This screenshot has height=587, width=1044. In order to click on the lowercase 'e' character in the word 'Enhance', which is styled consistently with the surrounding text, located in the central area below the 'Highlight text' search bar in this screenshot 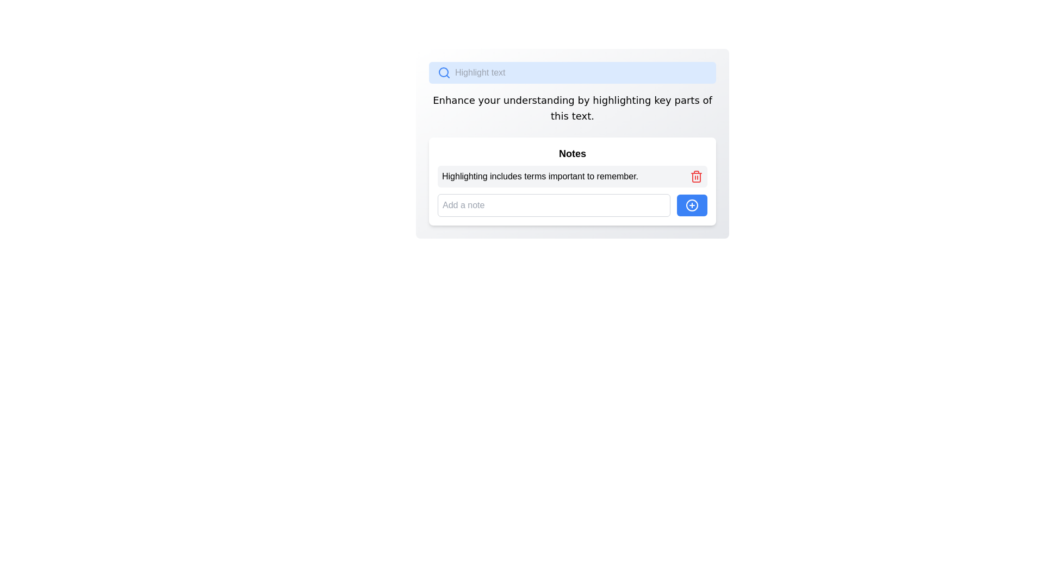, I will do `click(472, 100)`.